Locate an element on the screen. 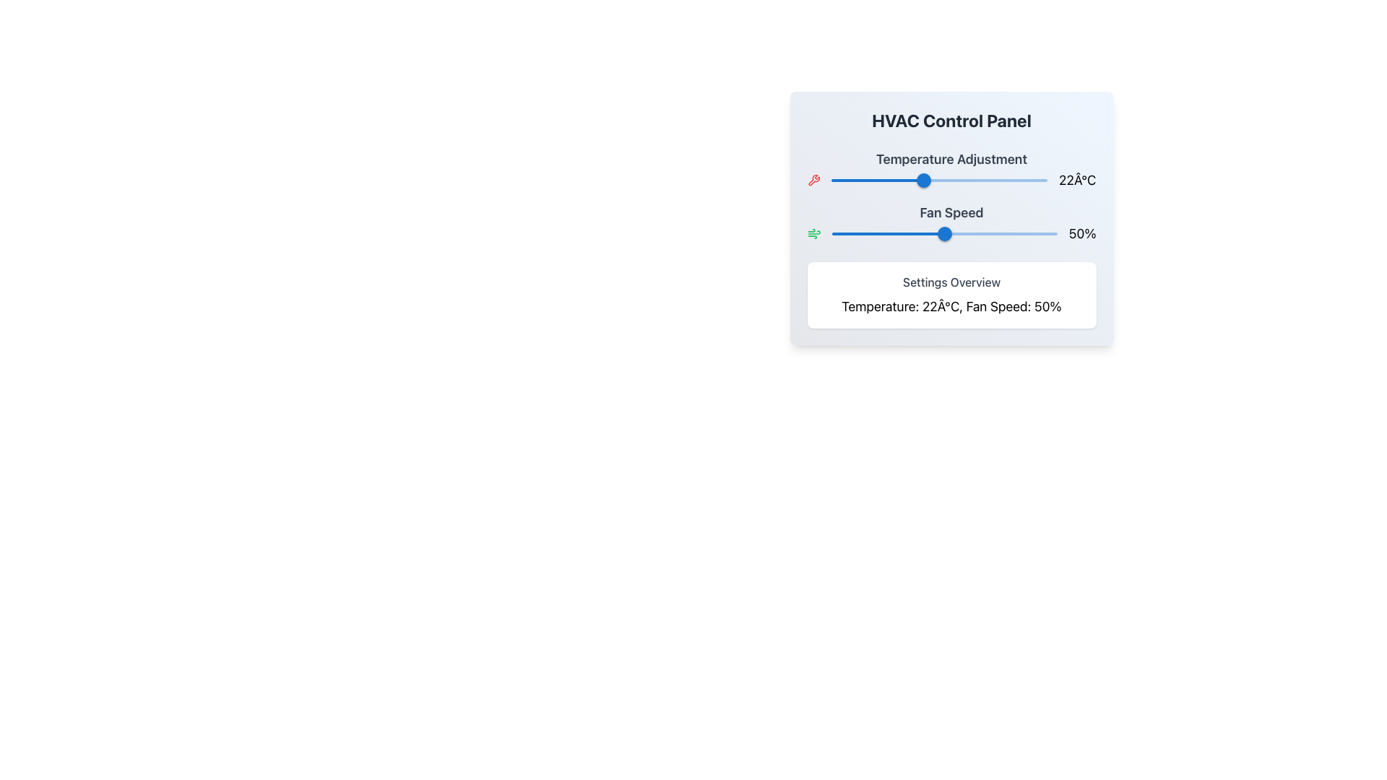 This screenshot has width=1387, height=780. the slider value is located at coordinates (859, 233).